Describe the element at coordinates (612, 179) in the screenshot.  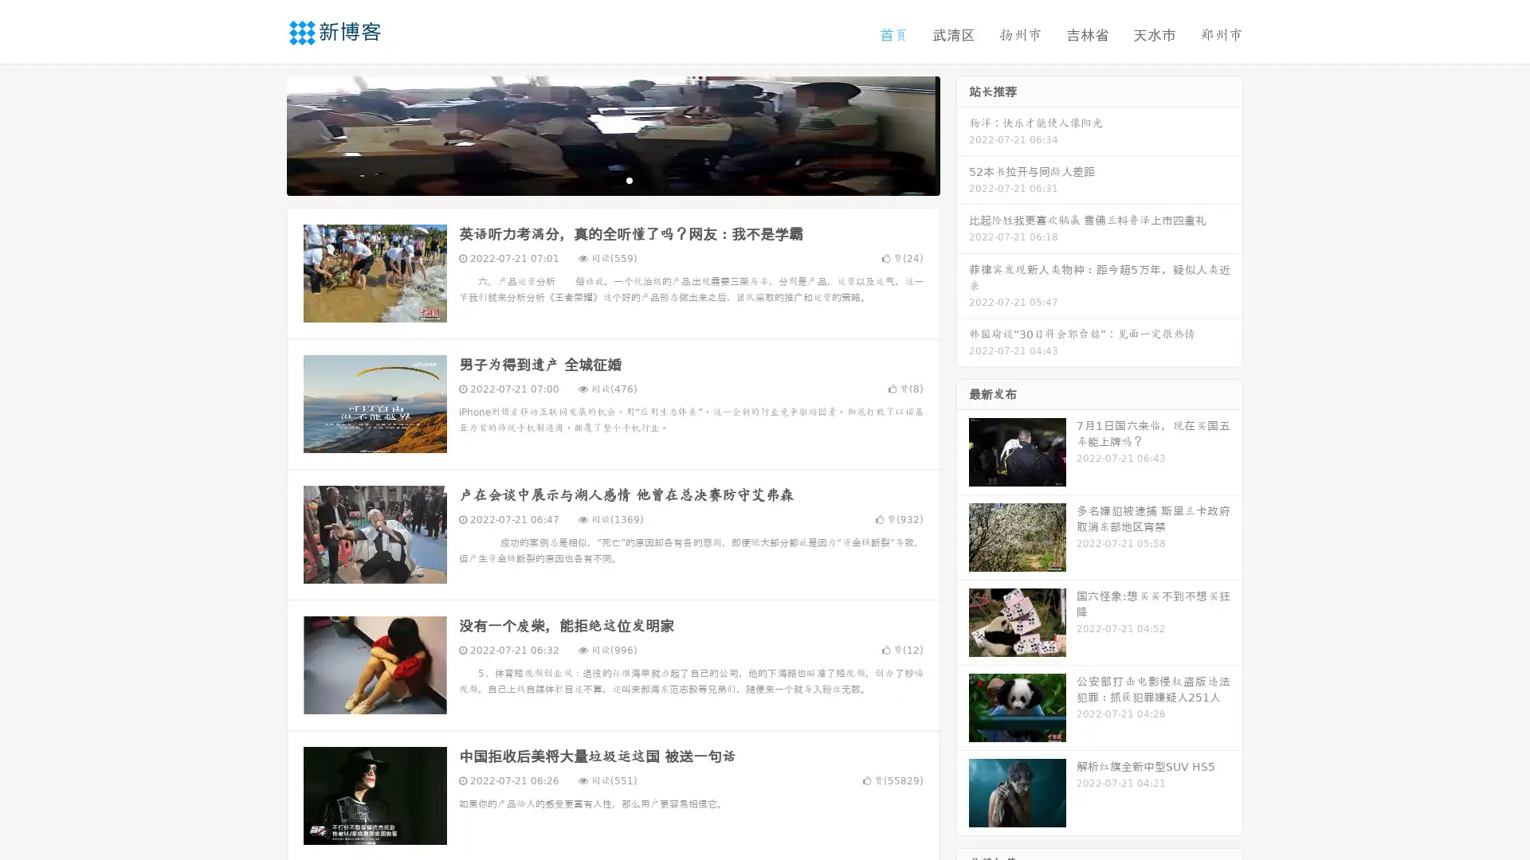
I see `Go to slide 2` at that location.